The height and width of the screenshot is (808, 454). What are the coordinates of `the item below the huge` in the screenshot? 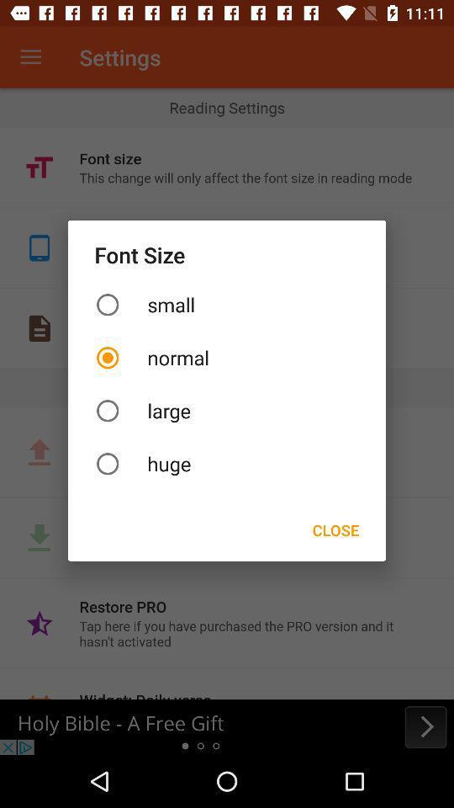 It's located at (335, 529).